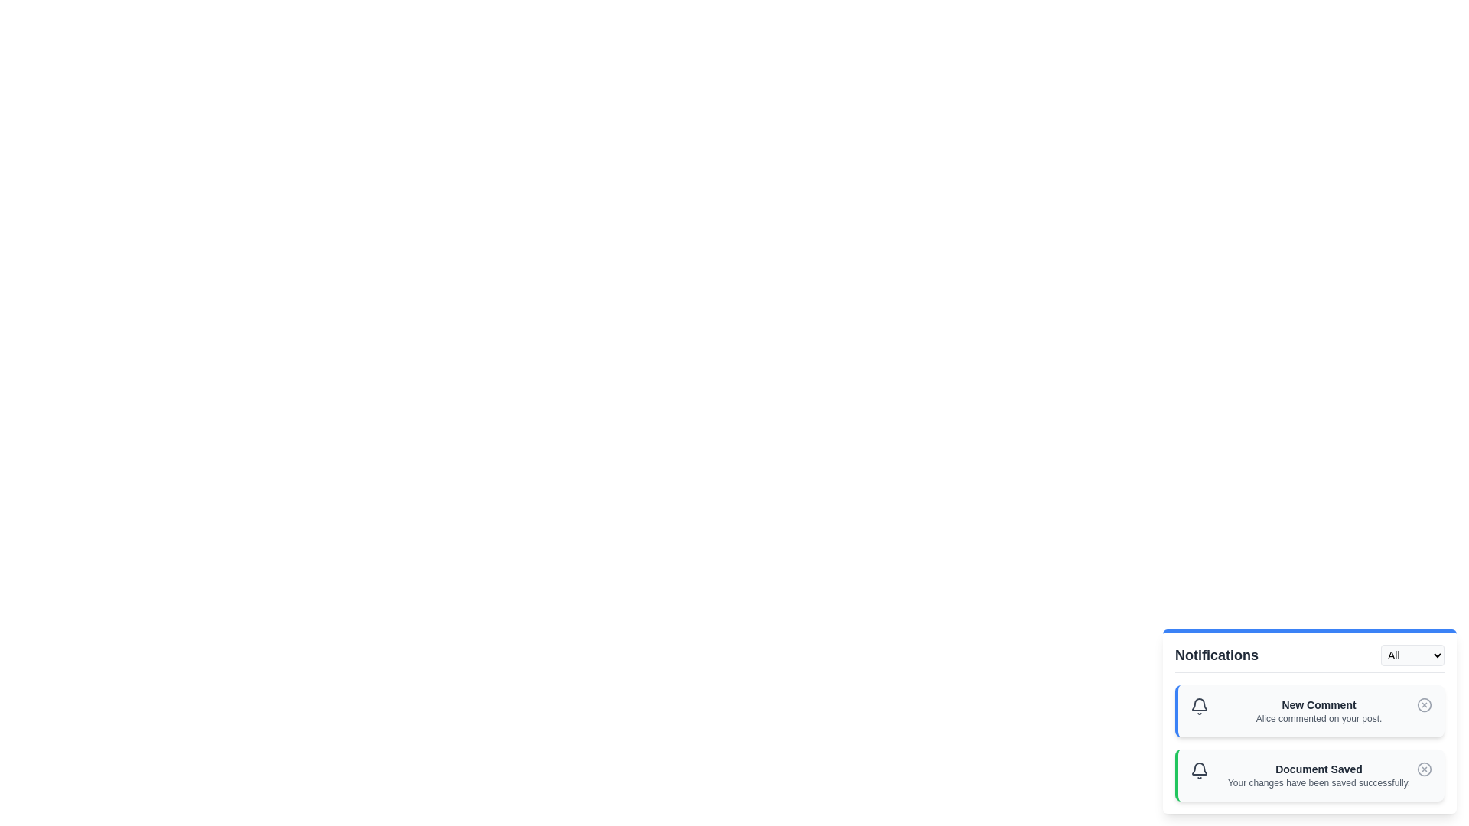  I want to click on the notification filter type to Success, so click(1412, 654).